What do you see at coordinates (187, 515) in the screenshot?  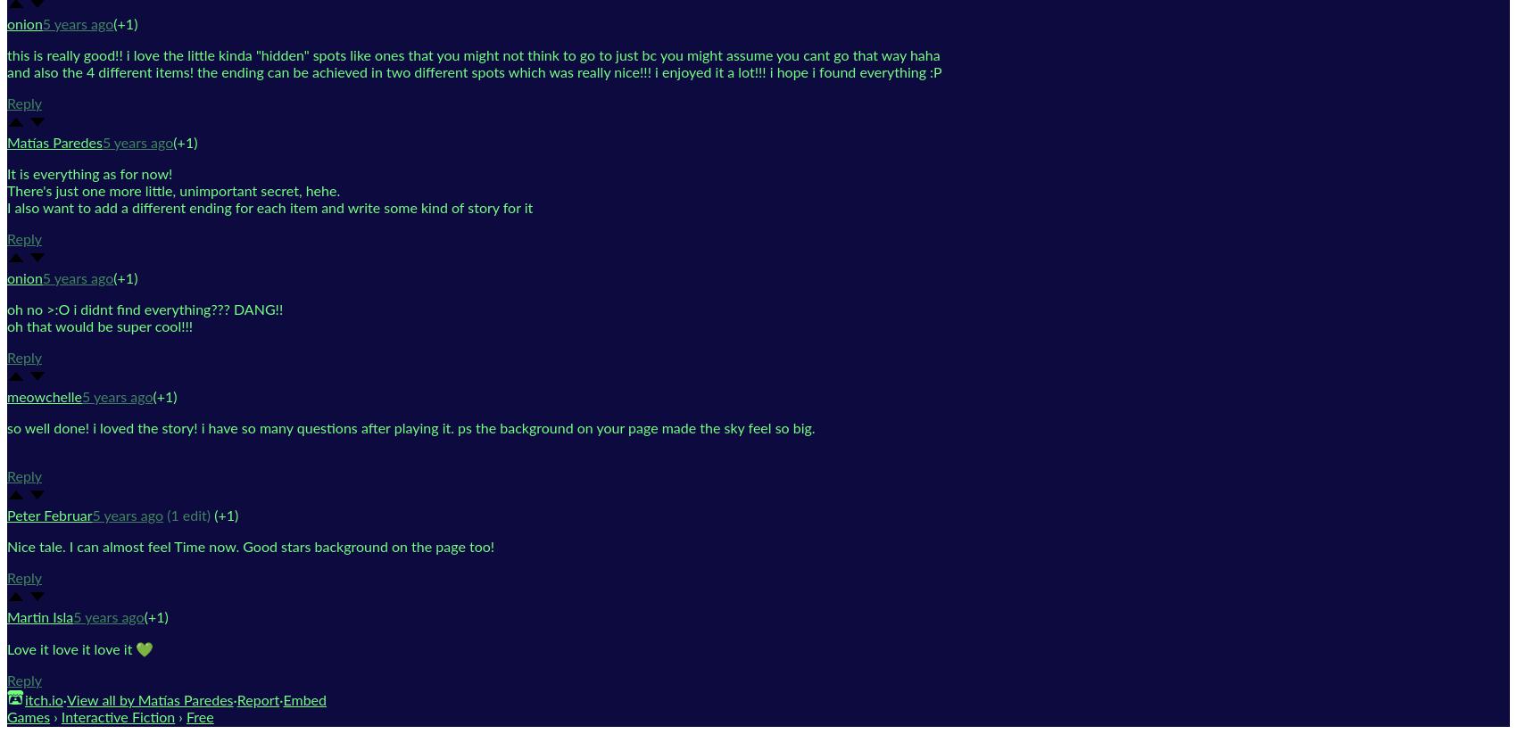 I see `'(1 edit)'` at bounding box center [187, 515].